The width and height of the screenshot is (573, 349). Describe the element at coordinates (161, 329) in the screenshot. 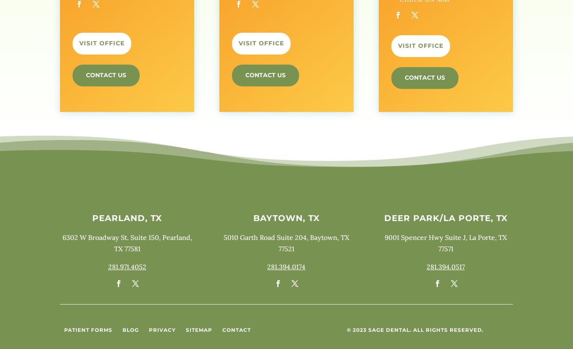

I see `'Privacy'` at that location.